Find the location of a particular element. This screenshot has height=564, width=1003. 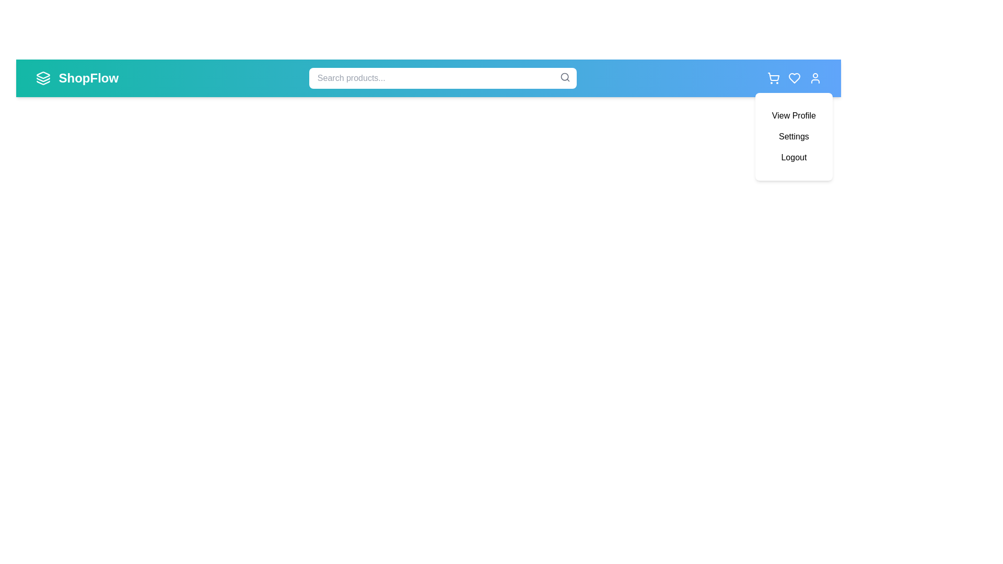

the 'View Profile' option in the dropdown menu is located at coordinates (794, 116).